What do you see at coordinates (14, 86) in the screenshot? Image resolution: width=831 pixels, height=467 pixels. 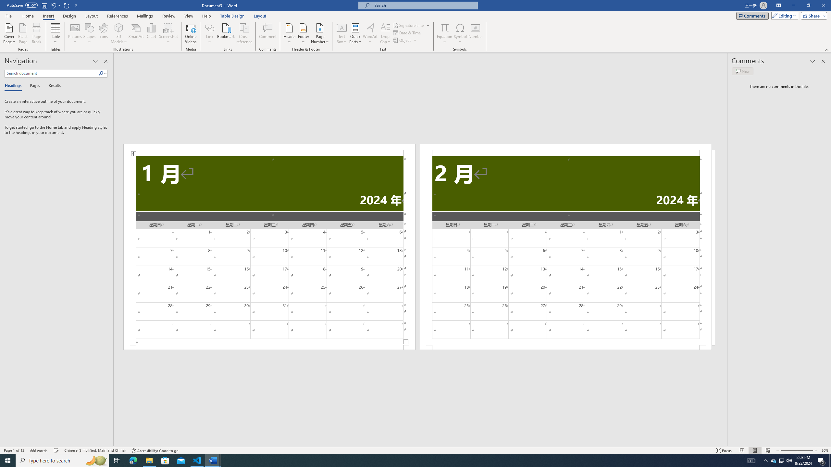 I see `'Headings'` at bounding box center [14, 86].